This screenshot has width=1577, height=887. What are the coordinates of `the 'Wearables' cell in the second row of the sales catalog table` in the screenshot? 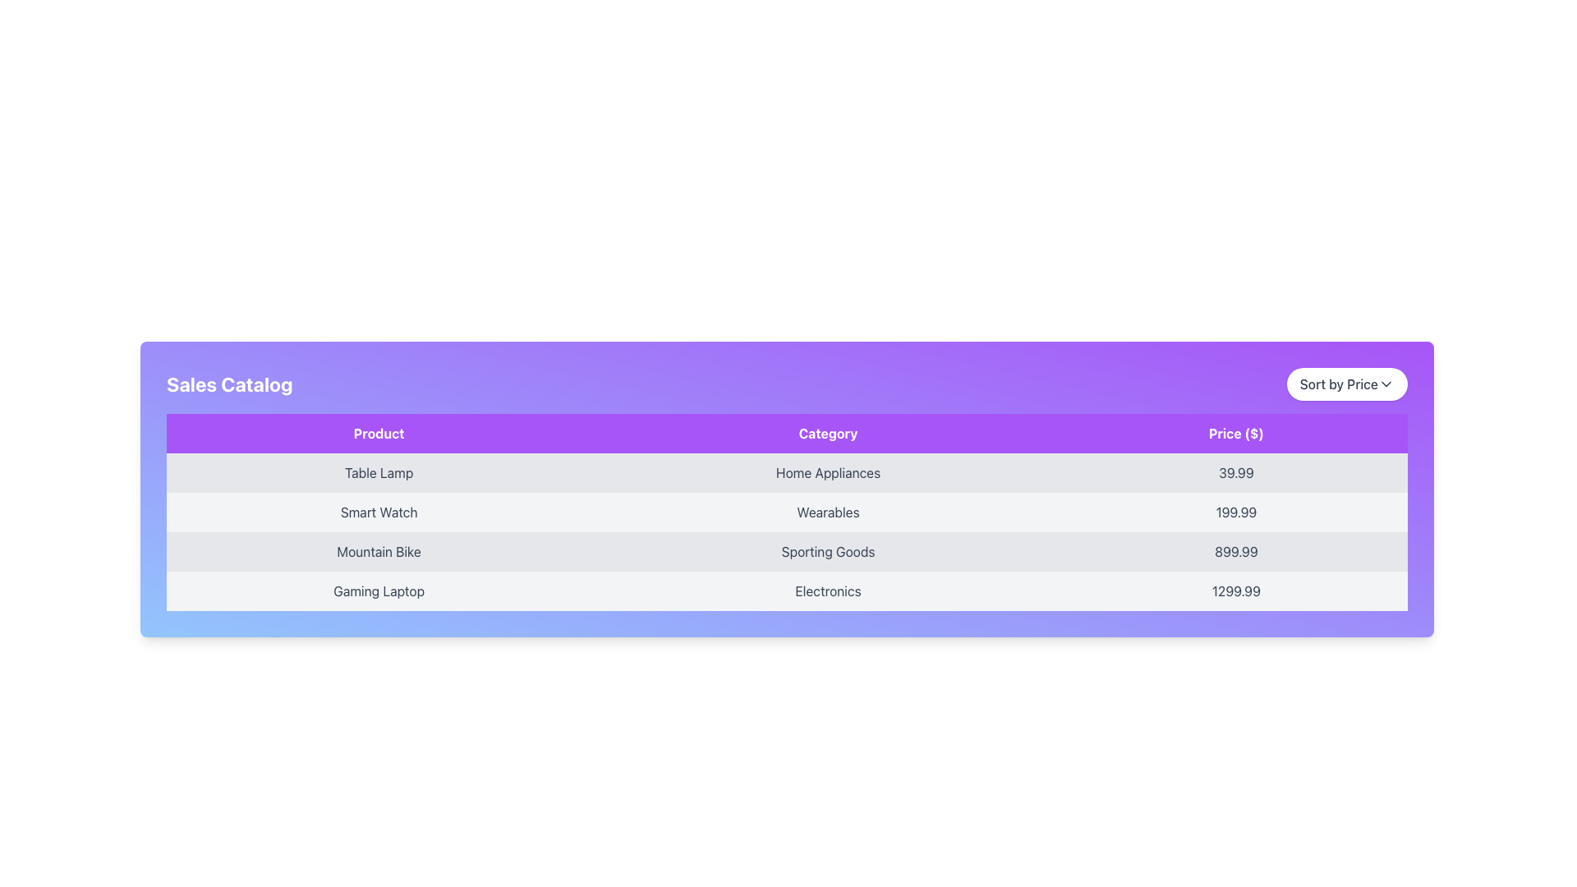 It's located at (786, 512).